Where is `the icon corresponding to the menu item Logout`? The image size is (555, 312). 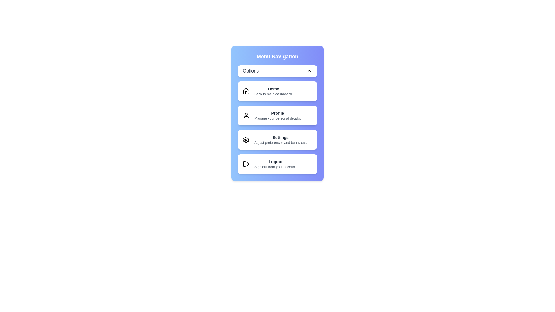
the icon corresponding to the menu item Logout is located at coordinates (246, 164).